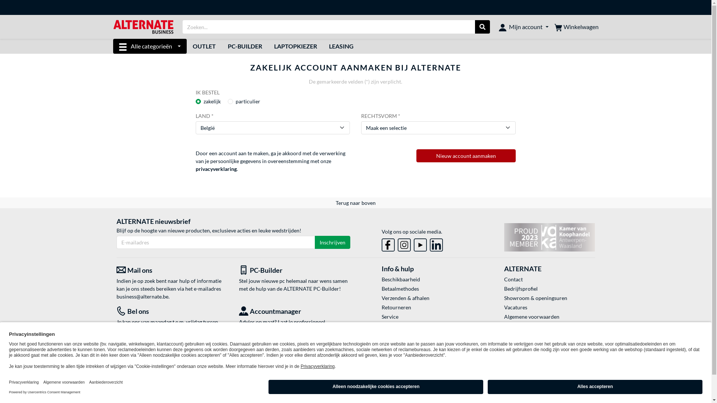 The width and height of the screenshot is (717, 403). What do you see at coordinates (216, 169) in the screenshot?
I see `'privacyverklaring'` at bounding box center [216, 169].